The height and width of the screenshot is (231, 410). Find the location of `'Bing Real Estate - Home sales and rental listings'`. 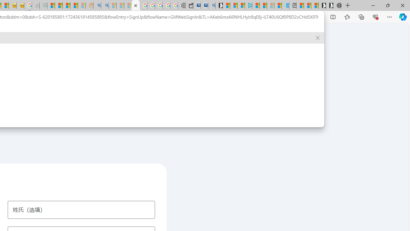

'Bing Real Estate - Home sales and rental listings' is located at coordinates (212, 5).